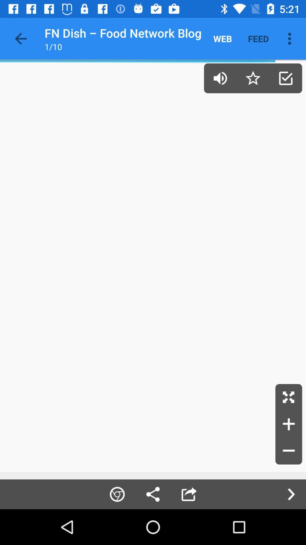 Image resolution: width=306 pixels, height=545 pixels. What do you see at coordinates (291, 38) in the screenshot?
I see `icon to the right of the feed icon` at bounding box center [291, 38].